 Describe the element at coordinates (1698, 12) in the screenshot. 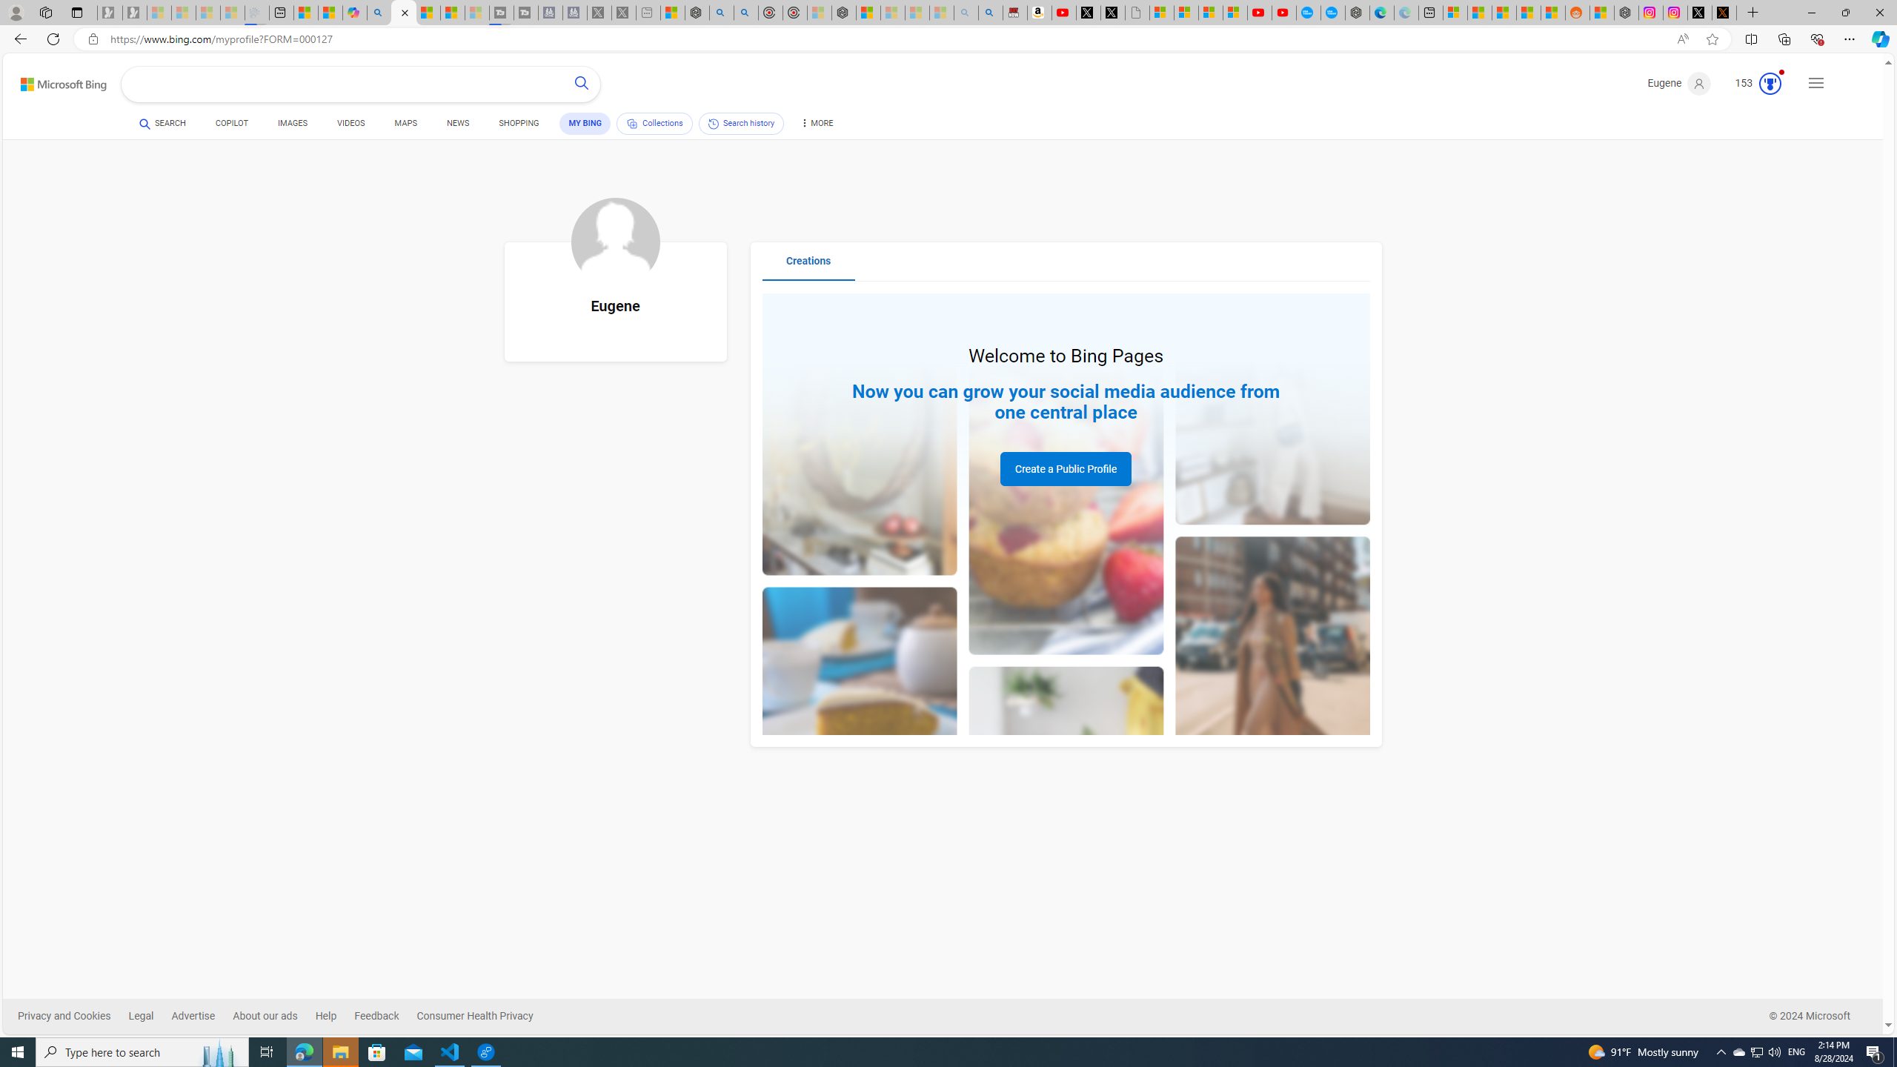

I see `'Log in to X / X'` at that location.